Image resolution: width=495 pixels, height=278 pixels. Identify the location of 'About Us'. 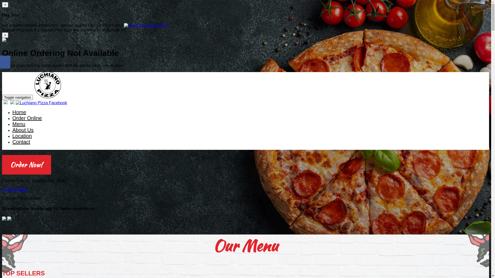
(23, 130).